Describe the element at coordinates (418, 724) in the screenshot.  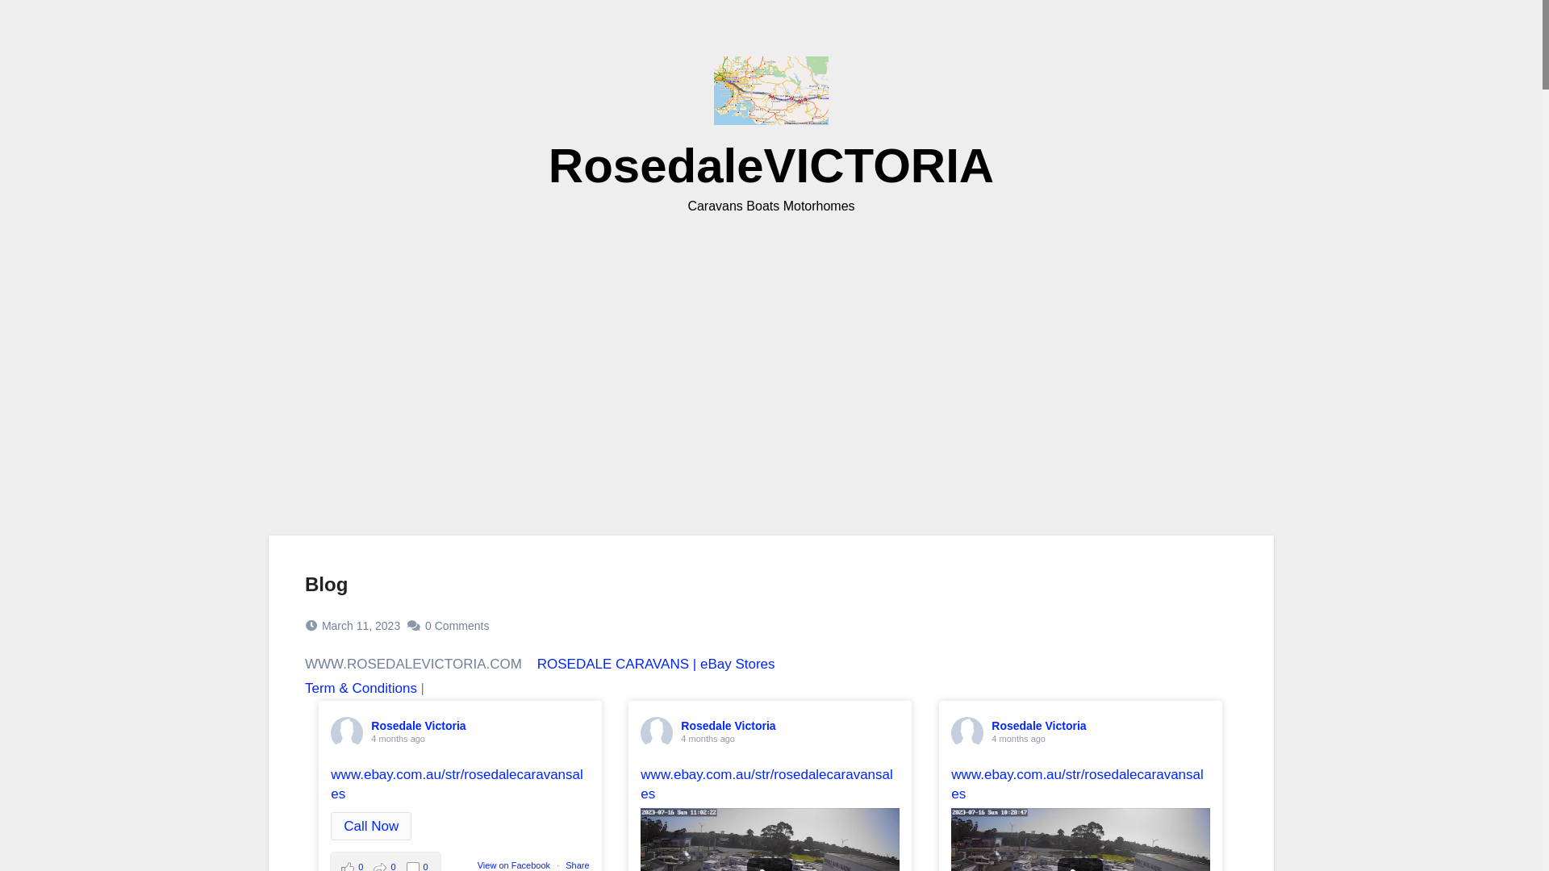
I see `'Rosedale Victoria'` at that location.